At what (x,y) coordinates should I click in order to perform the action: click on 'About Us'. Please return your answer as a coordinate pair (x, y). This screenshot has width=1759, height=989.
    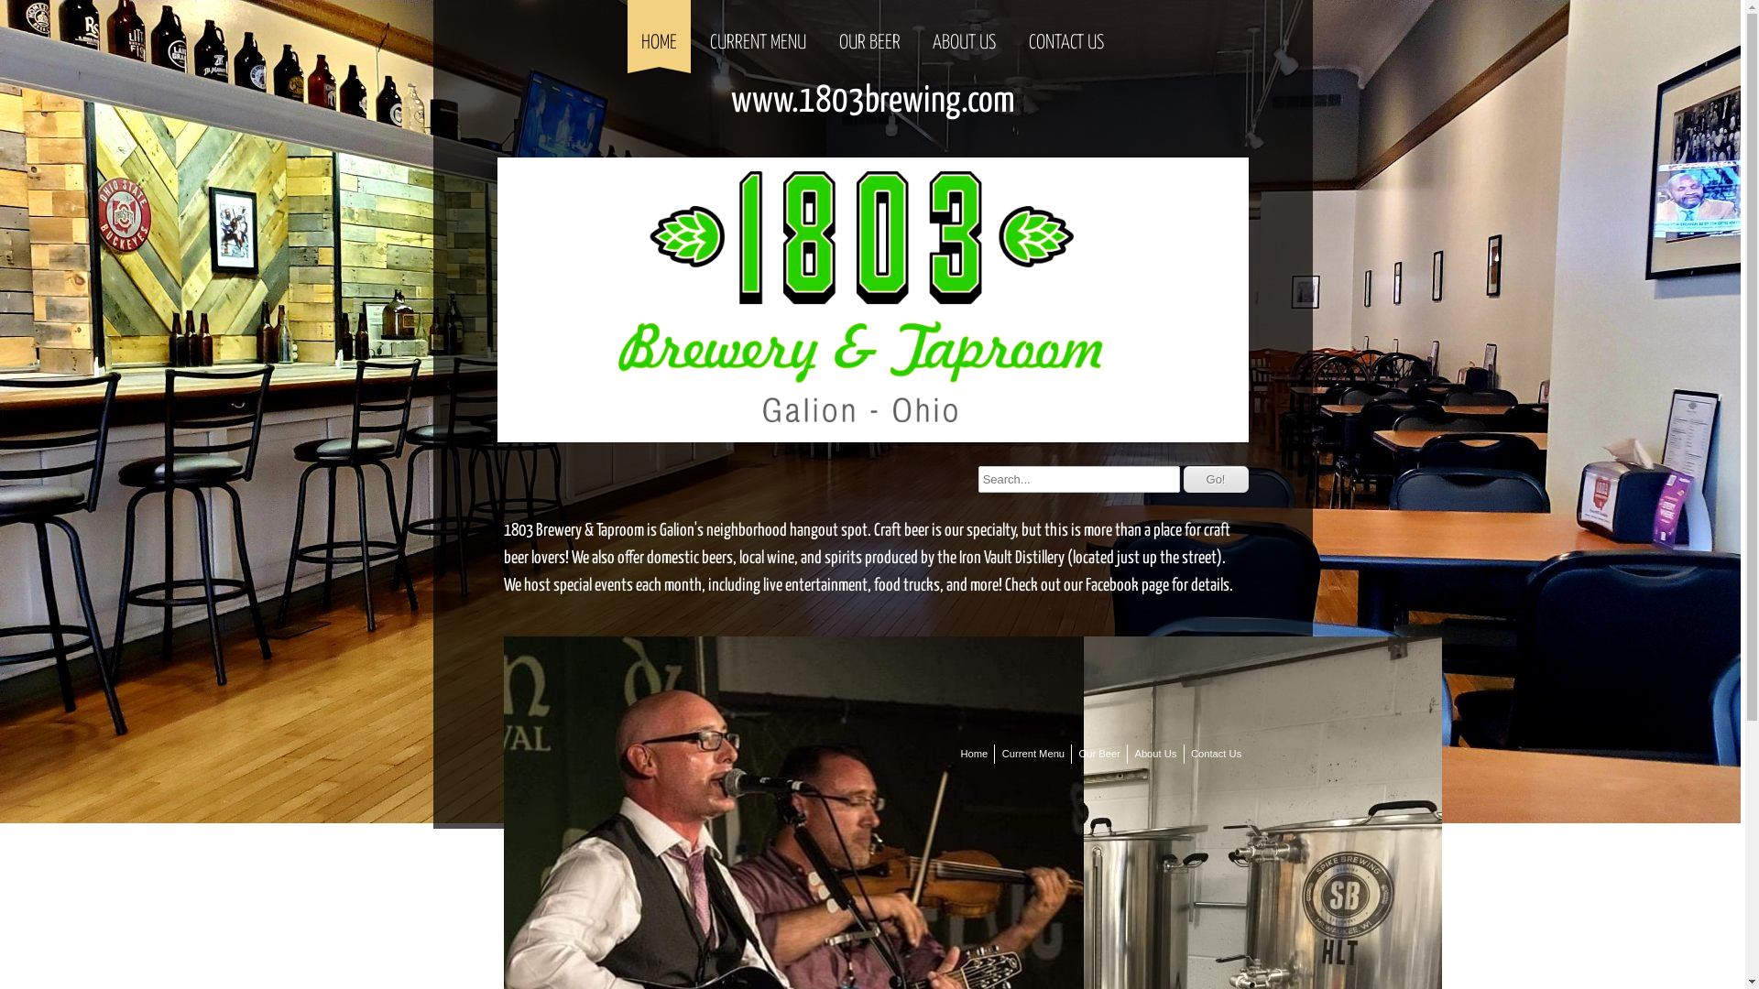
    Looking at the image, I should click on (1129, 754).